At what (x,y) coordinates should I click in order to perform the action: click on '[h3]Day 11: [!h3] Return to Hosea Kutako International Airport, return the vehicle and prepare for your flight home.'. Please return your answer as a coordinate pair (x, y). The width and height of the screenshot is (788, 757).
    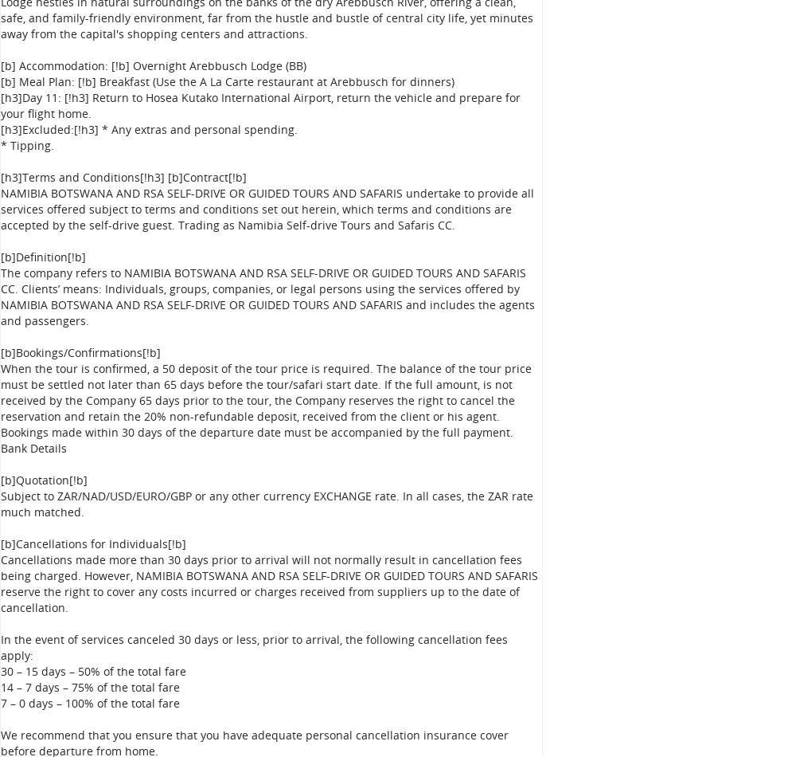
    Looking at the image, I should click on (0, 105).